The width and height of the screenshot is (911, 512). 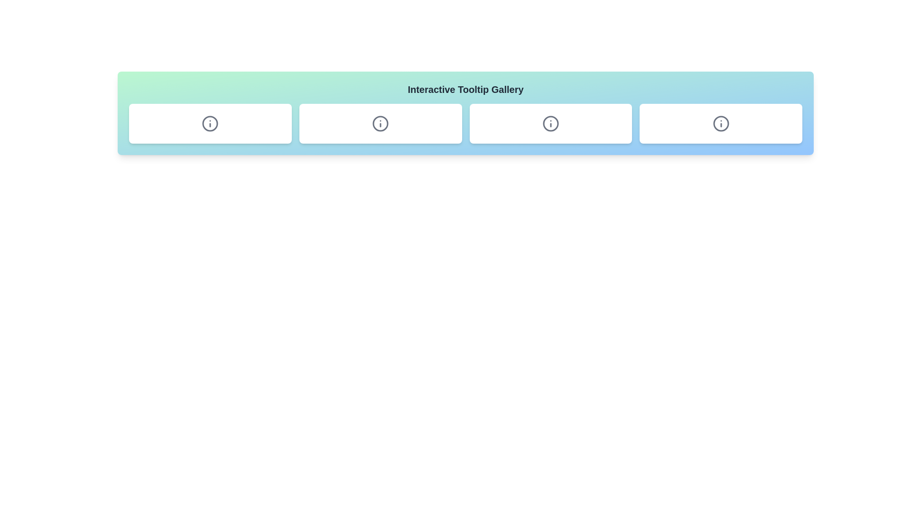 I want to click on the Interactive Tooltip Icon for accessibility actions by moving the cursor to its center point, so click(x=721, y=123).